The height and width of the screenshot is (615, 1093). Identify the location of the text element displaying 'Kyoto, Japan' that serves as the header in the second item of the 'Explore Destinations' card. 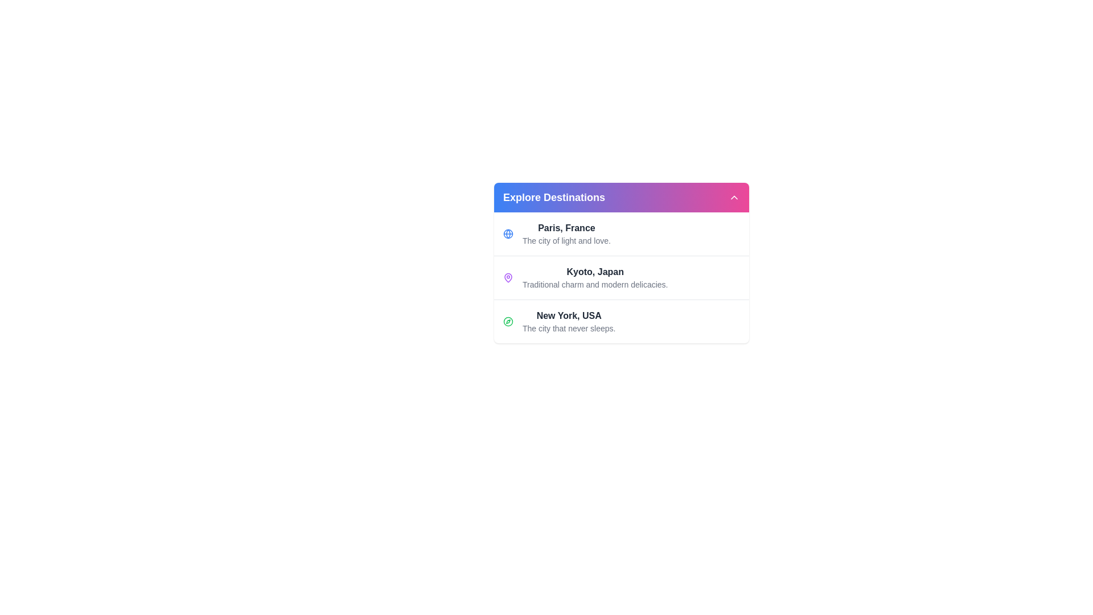
(594, 272).